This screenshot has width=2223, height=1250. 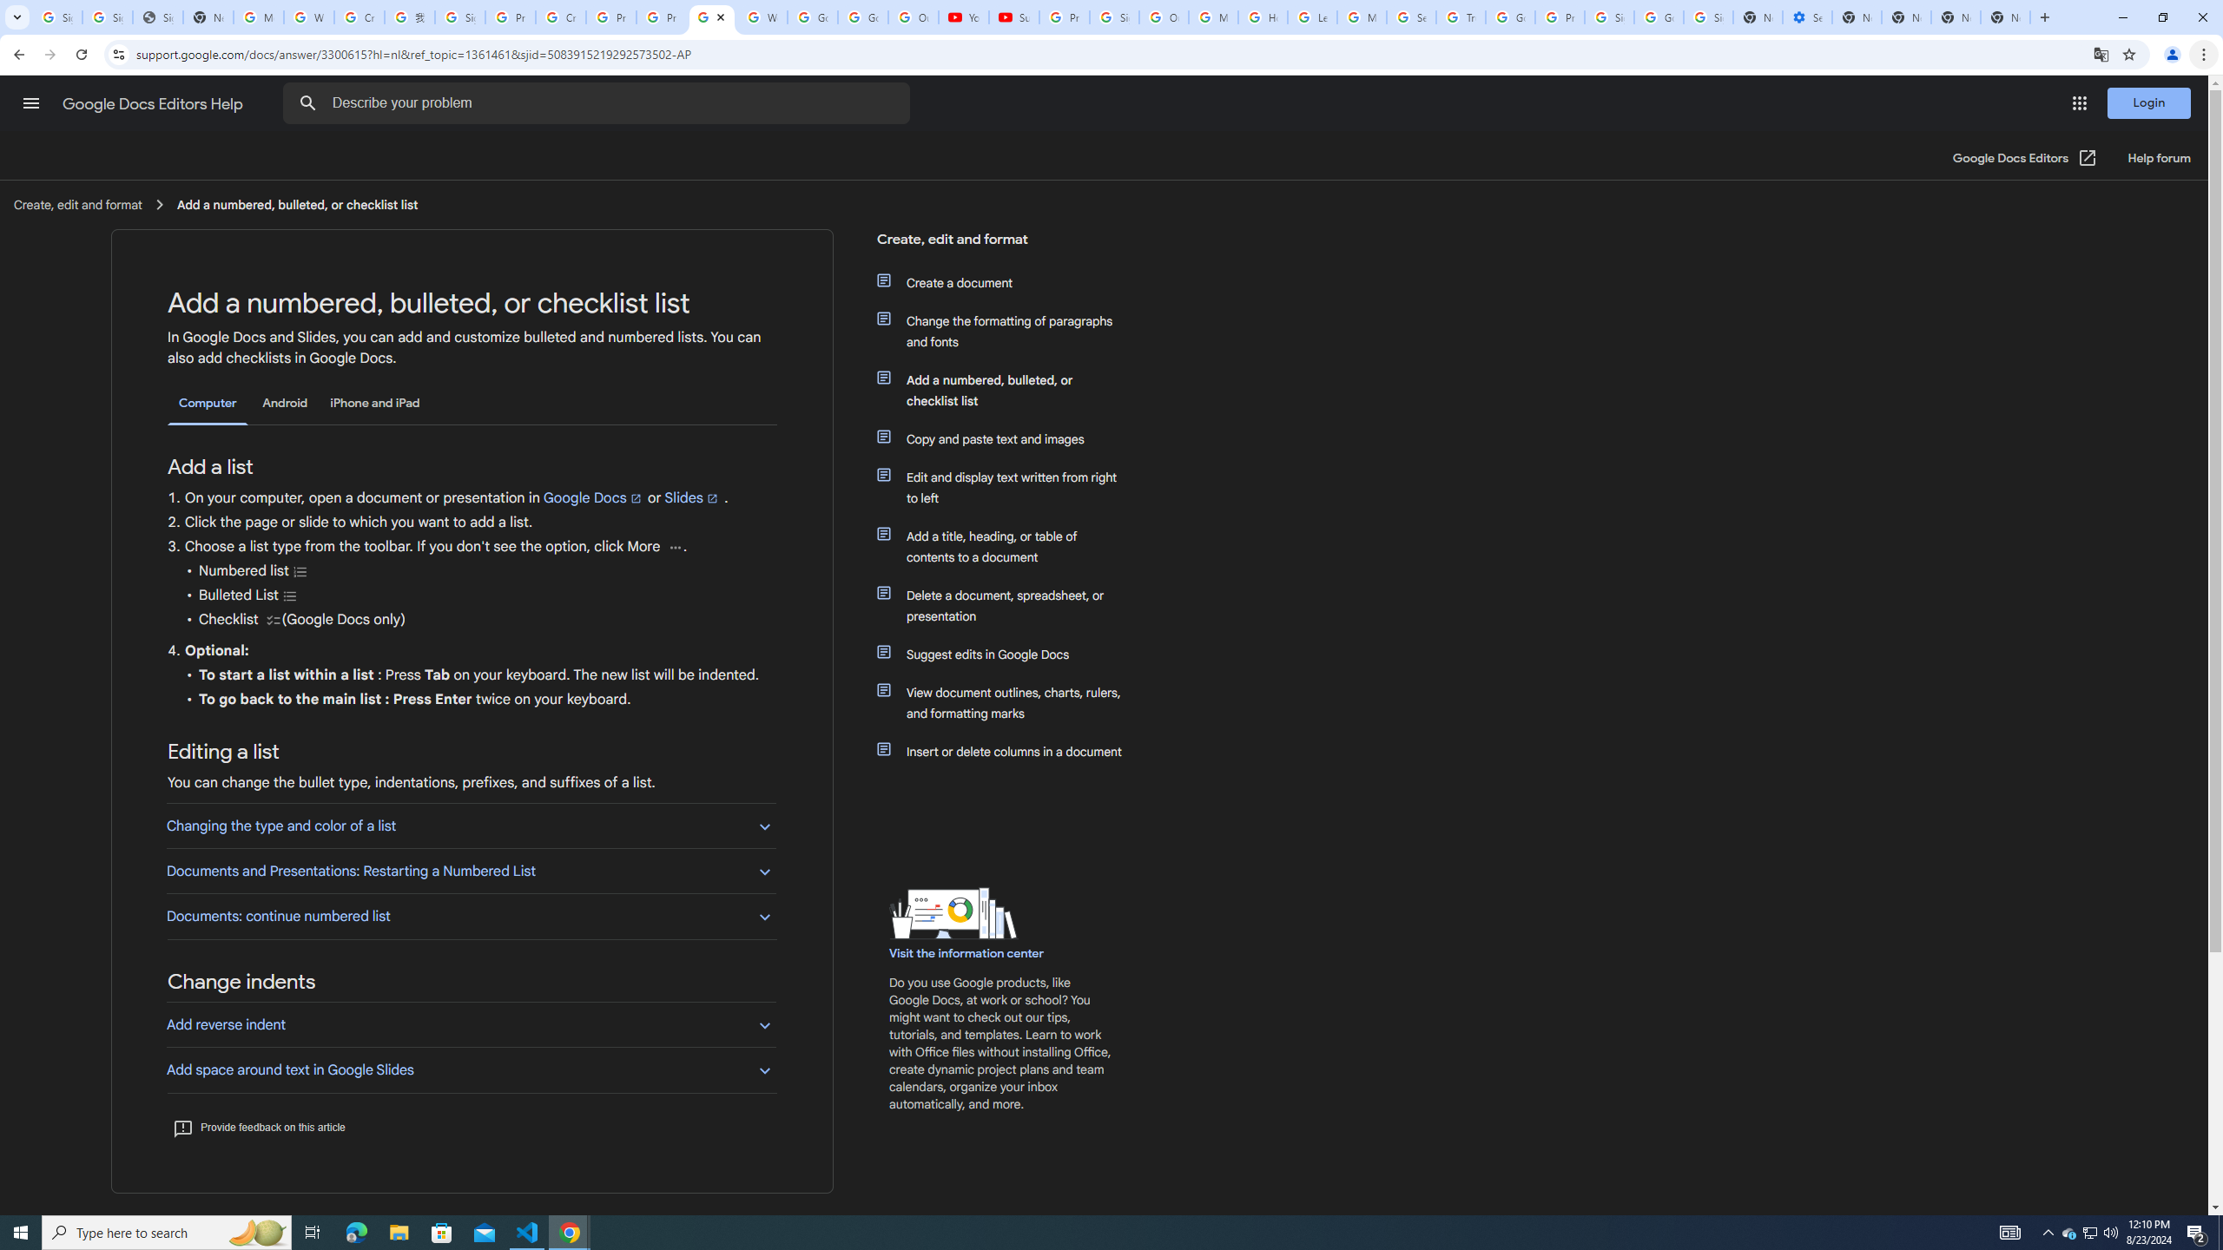 What do you see at coordinates (2024, 157) in the screenshot?
I see `'Google Docs Editors (Opens in new window)'` at bounding box center [2024, 157].